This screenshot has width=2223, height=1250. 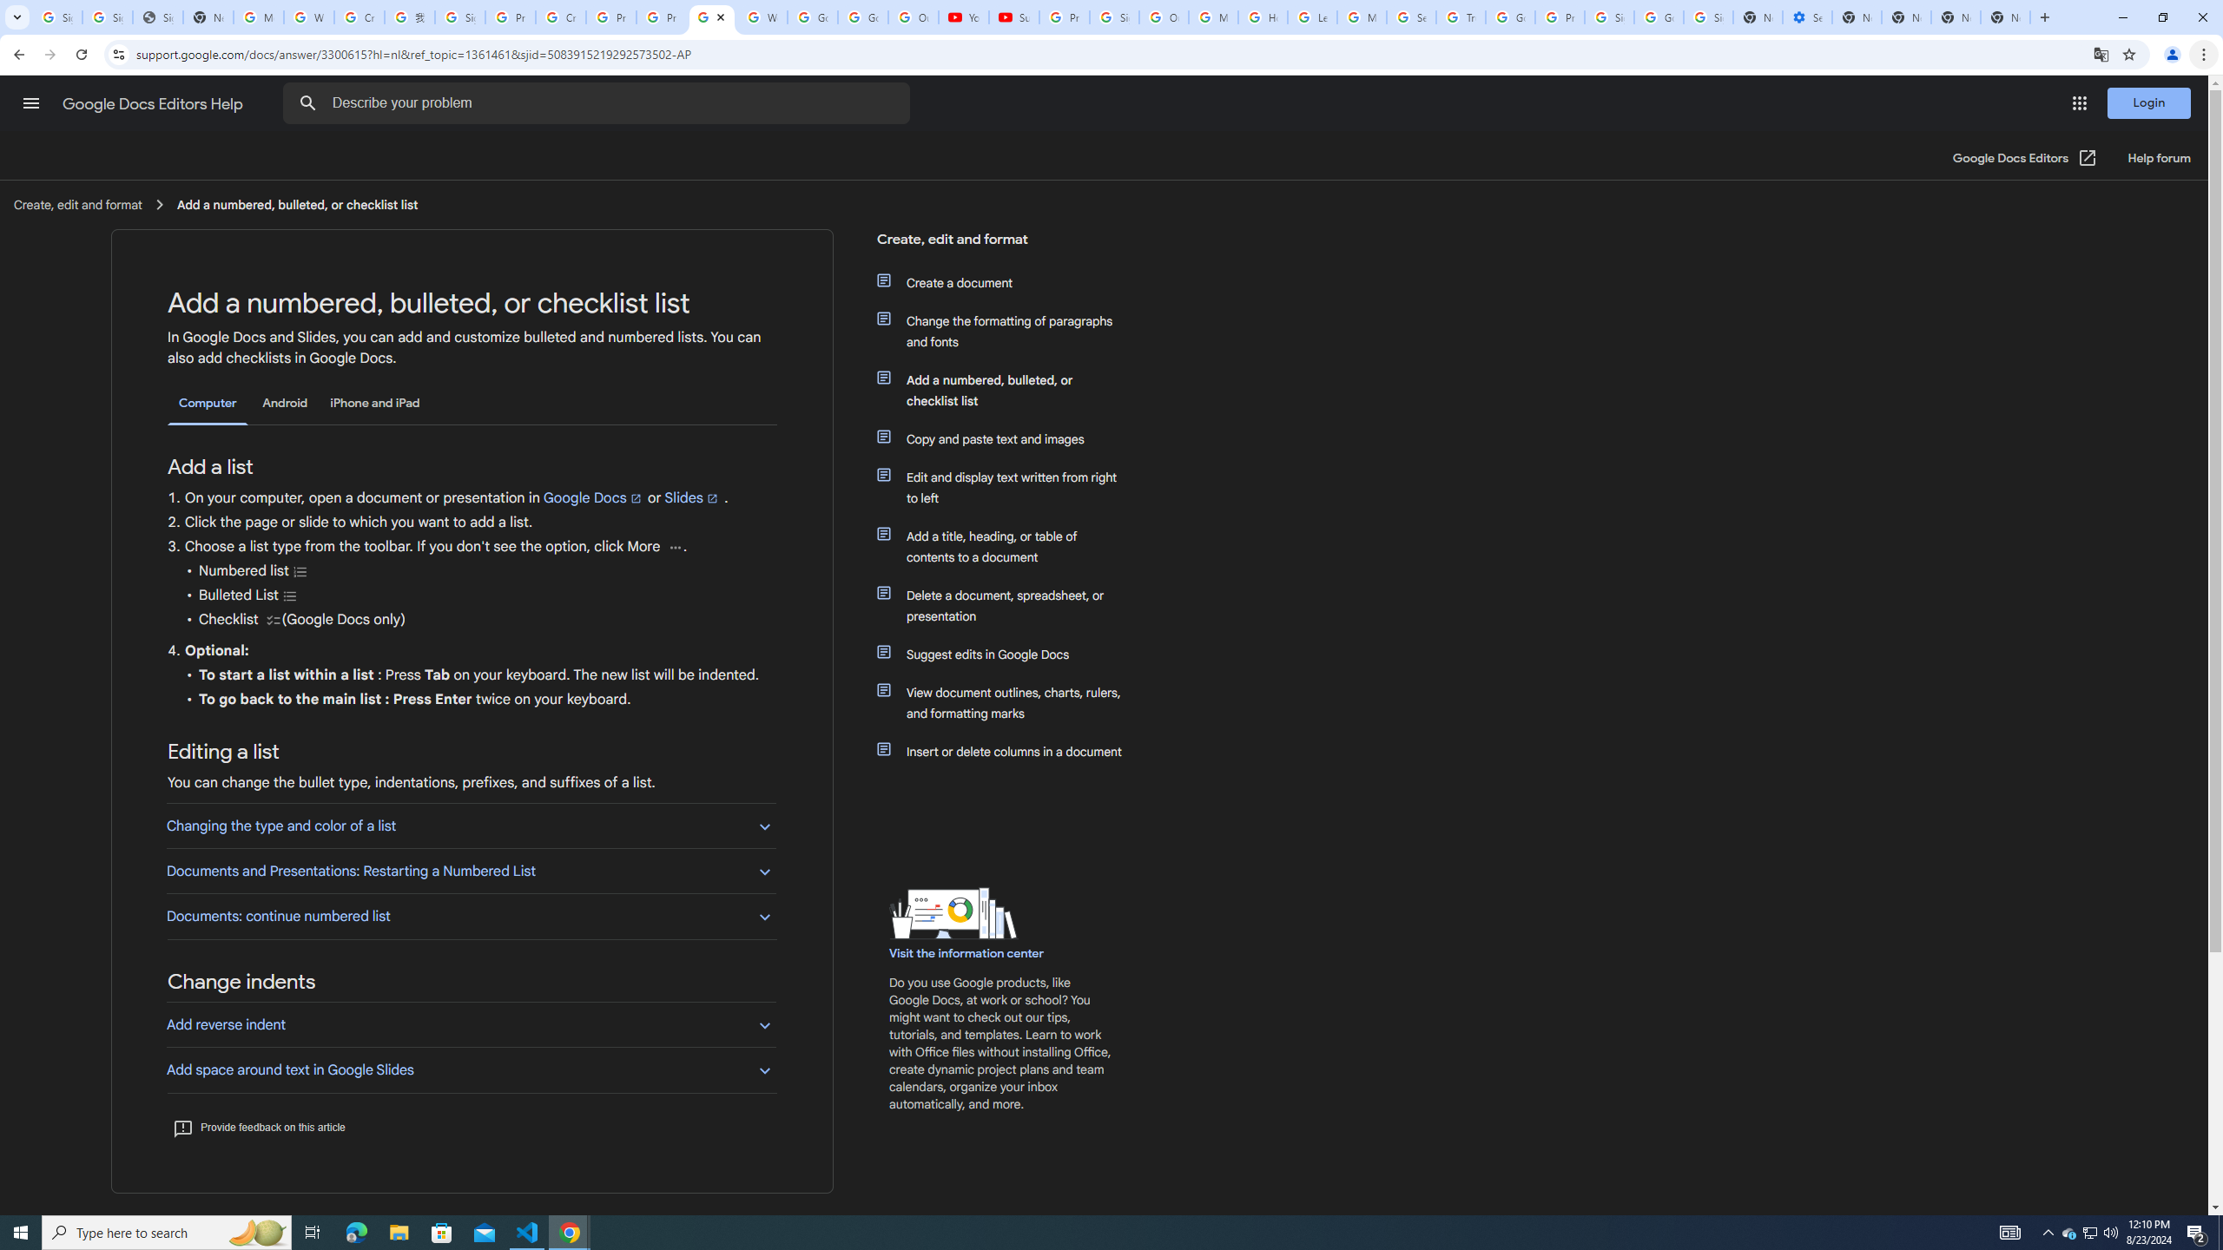 What do you see at coordinates (2024, 157) in the screenshot?
I see `'Google Docs Editors (Opens in new window)'` at bounding box center [2024, 157].